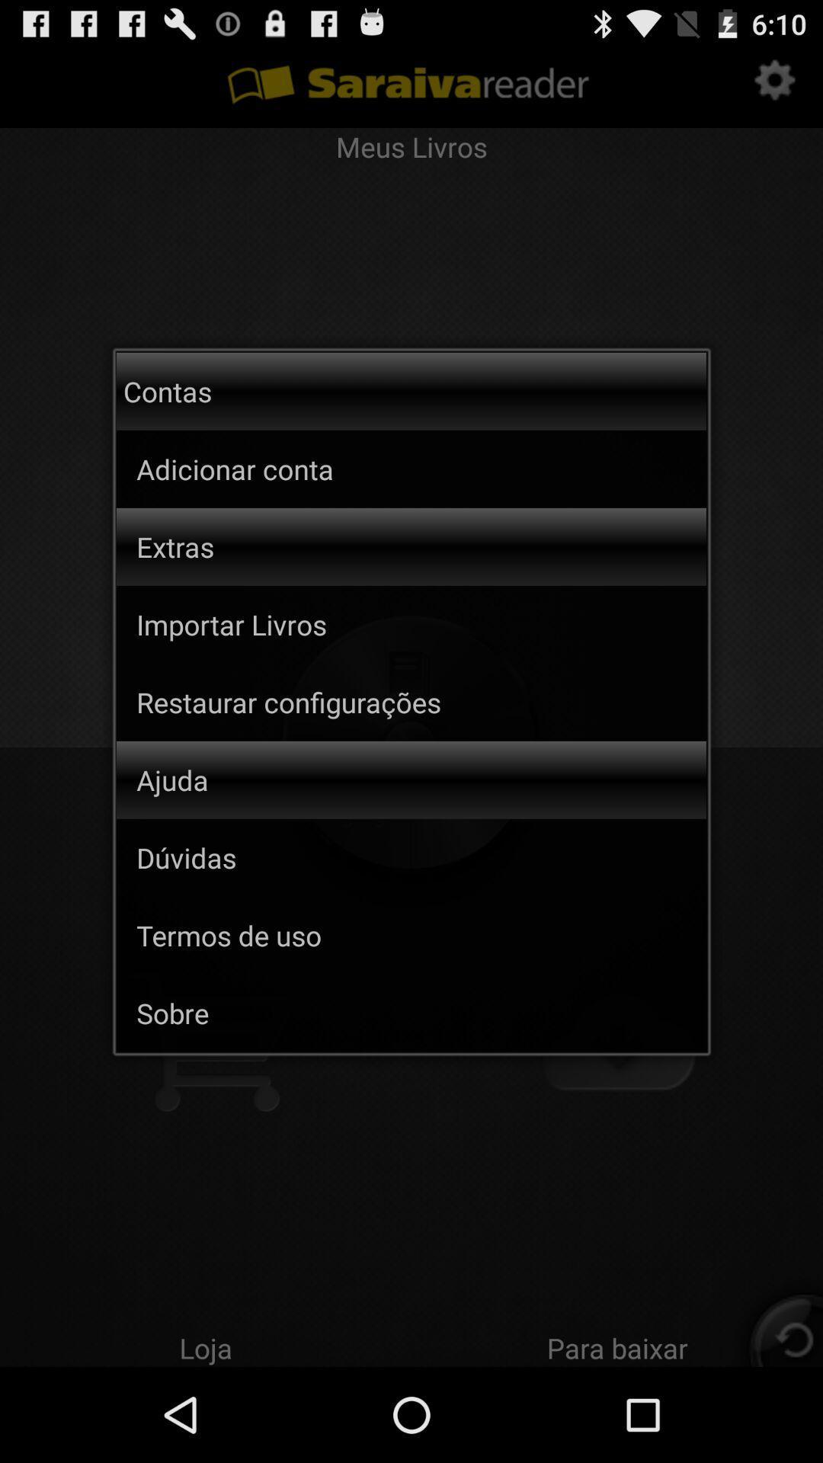 This screenshot has width=823, height=1463. I want to click on importar livros, so click(421, 624).